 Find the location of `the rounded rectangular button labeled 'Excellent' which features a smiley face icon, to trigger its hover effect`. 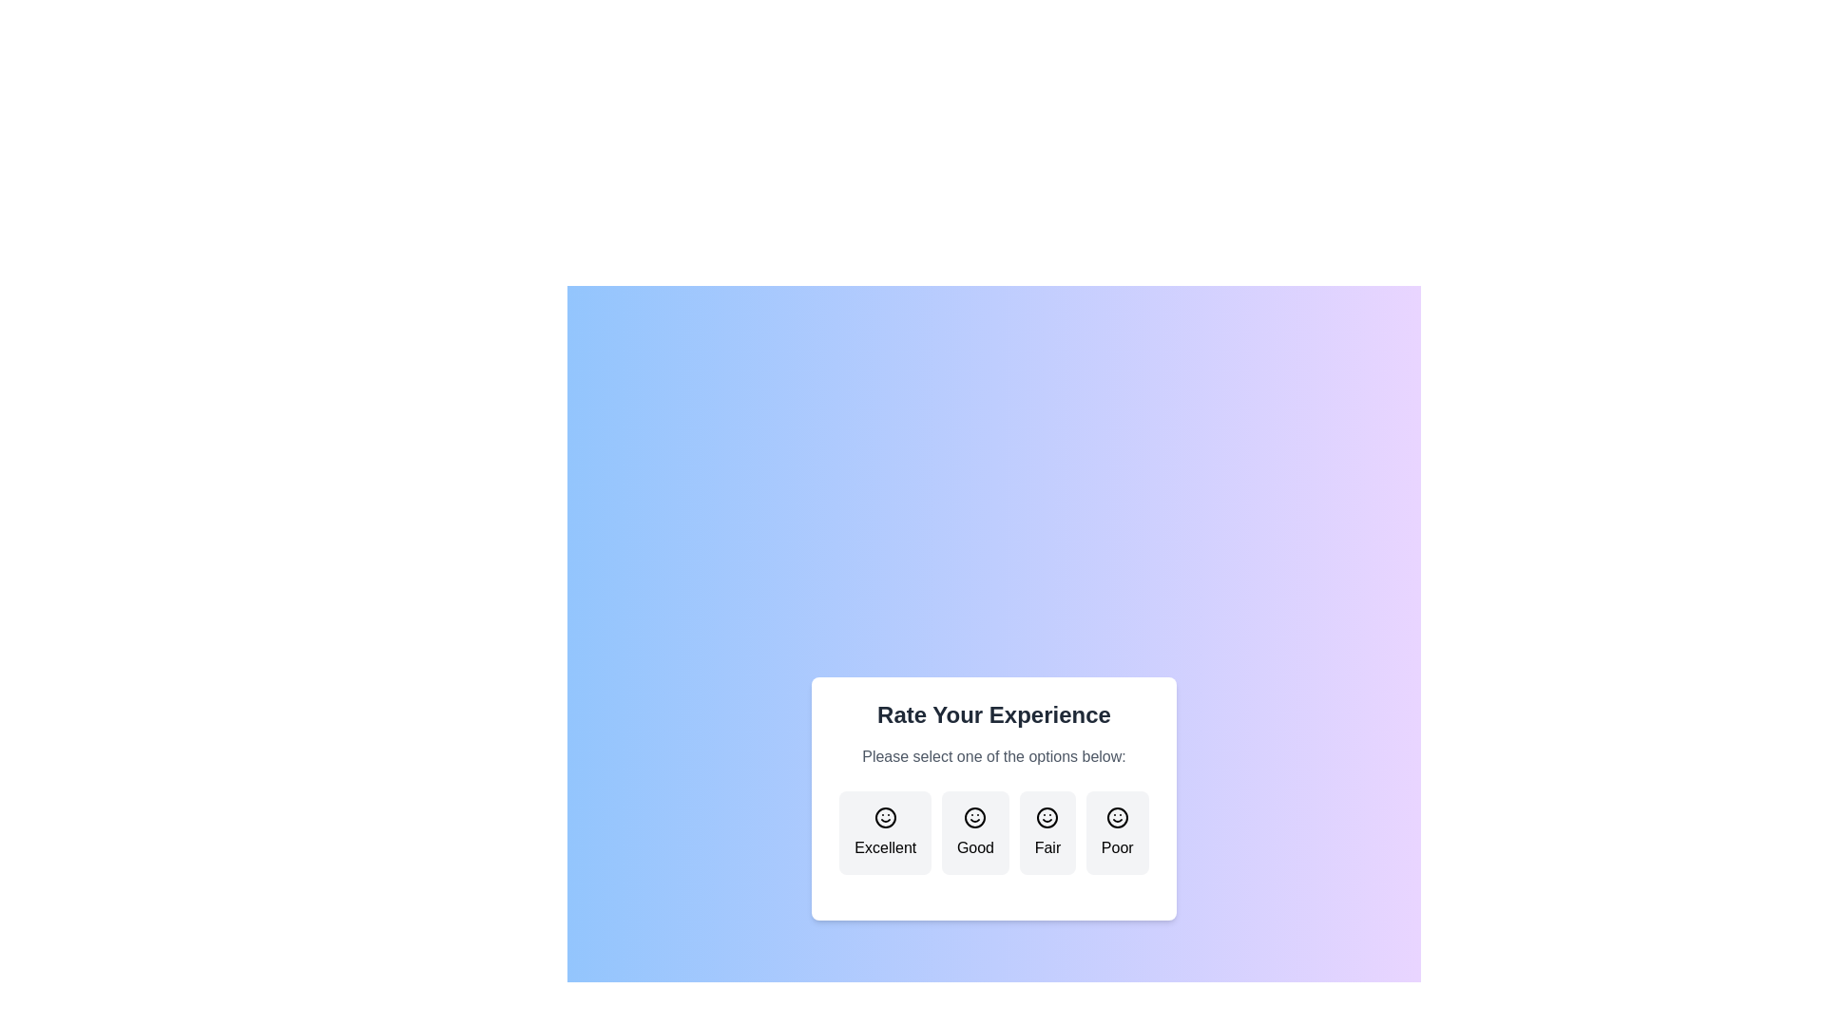

the rounded rectangular button labeled 'Excellent' which features a smiley face icon, to trigger its hover effect is located at coordinates (884, 831).